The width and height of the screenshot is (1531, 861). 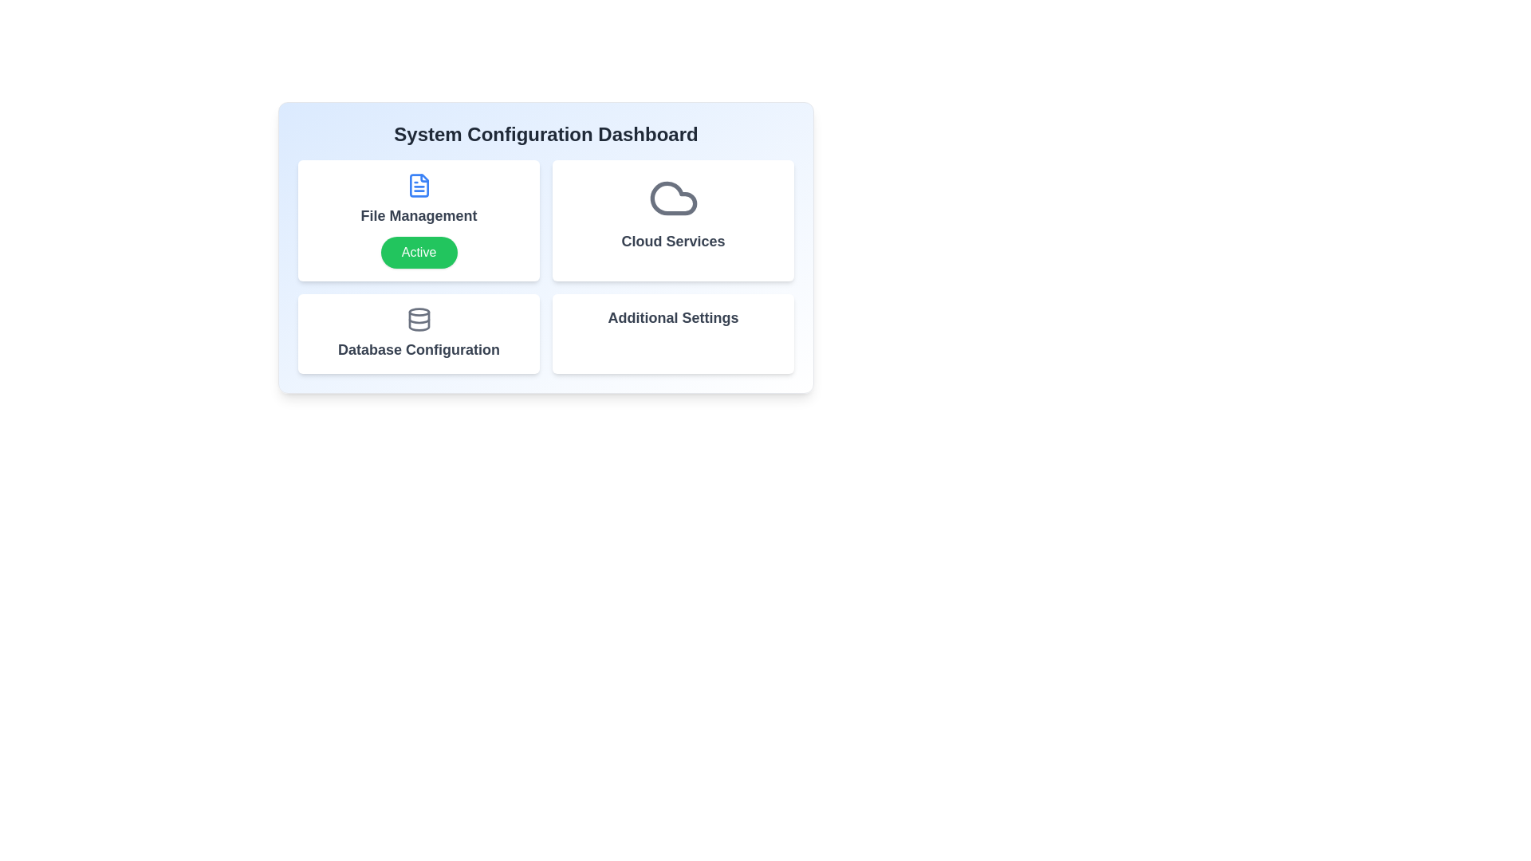 What do you see at coordinates (419, 333) in the screenshot?
I see `the database configuration card located in the bottom-left corner of the grid layout to read additional details` at bounding box center [419, 333].